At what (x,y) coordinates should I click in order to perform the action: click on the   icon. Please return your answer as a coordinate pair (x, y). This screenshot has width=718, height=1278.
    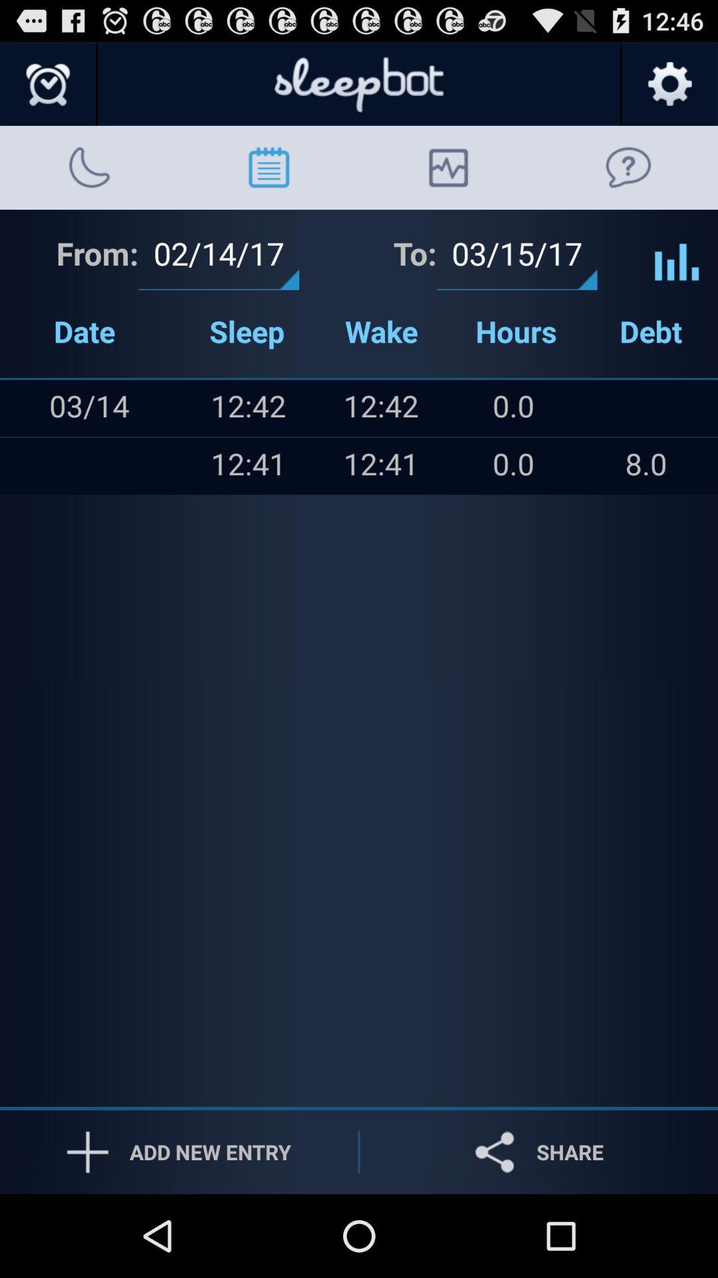
    Looking at the image, I should click on (27, 466).